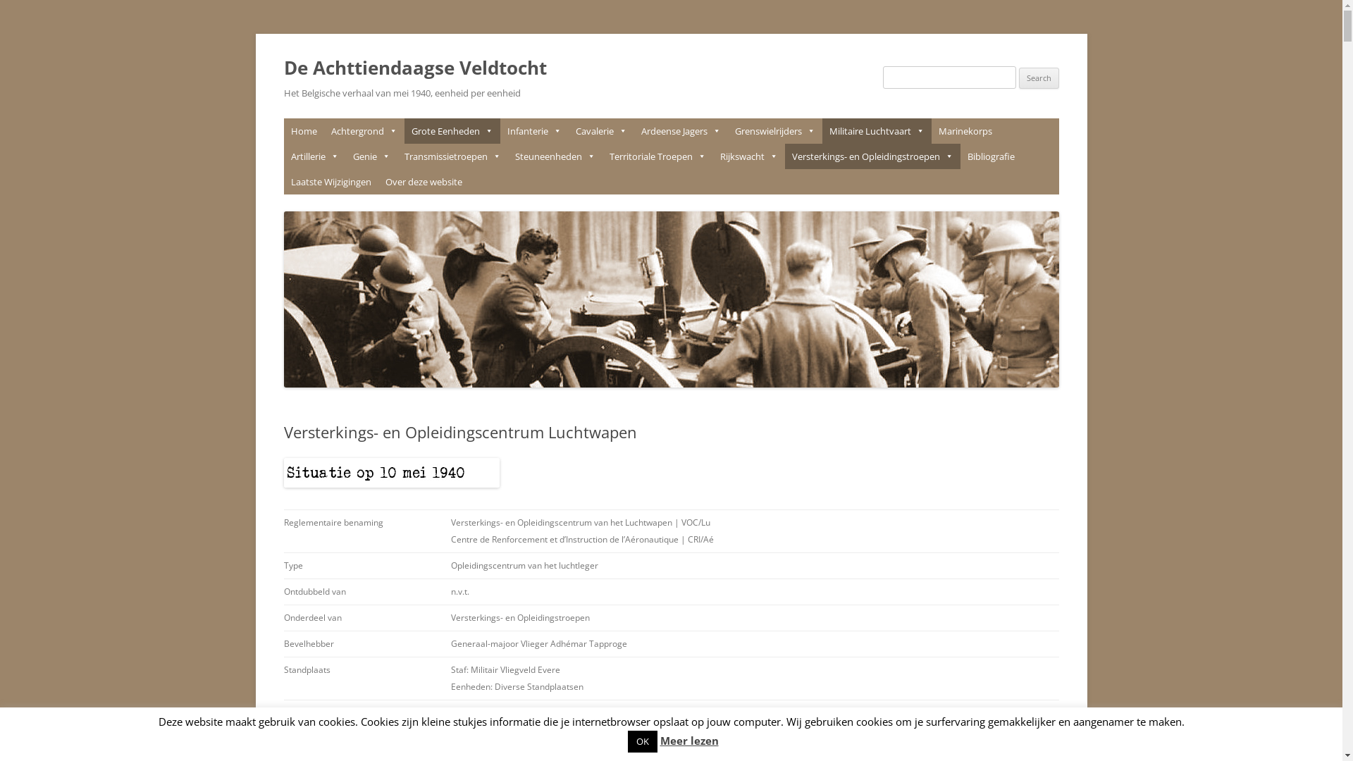 This screenshot has height=761, width=1353. What do you see at coordinates (314, 156) in the screenshot?
I see `'Artillerie'` at bounding box center [314, 156].